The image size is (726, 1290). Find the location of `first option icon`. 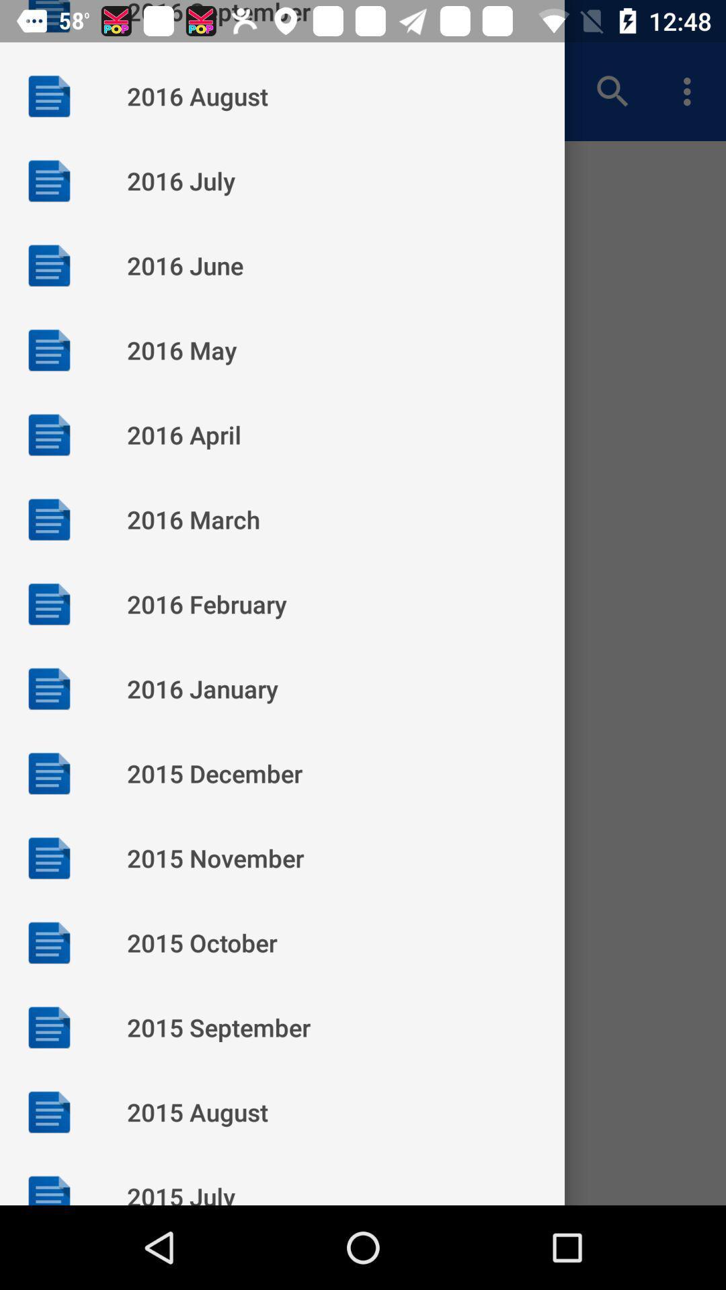

first option icon is located at coordinates (48, 95).